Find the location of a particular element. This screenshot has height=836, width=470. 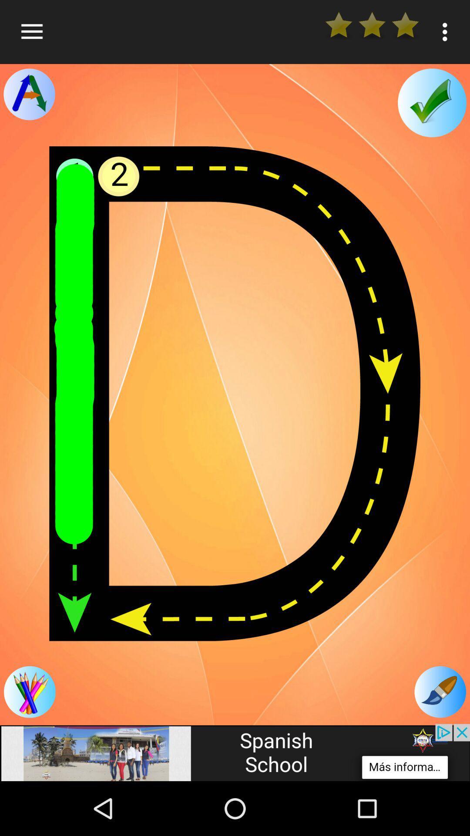

check work is located at coordinates (432, 103).